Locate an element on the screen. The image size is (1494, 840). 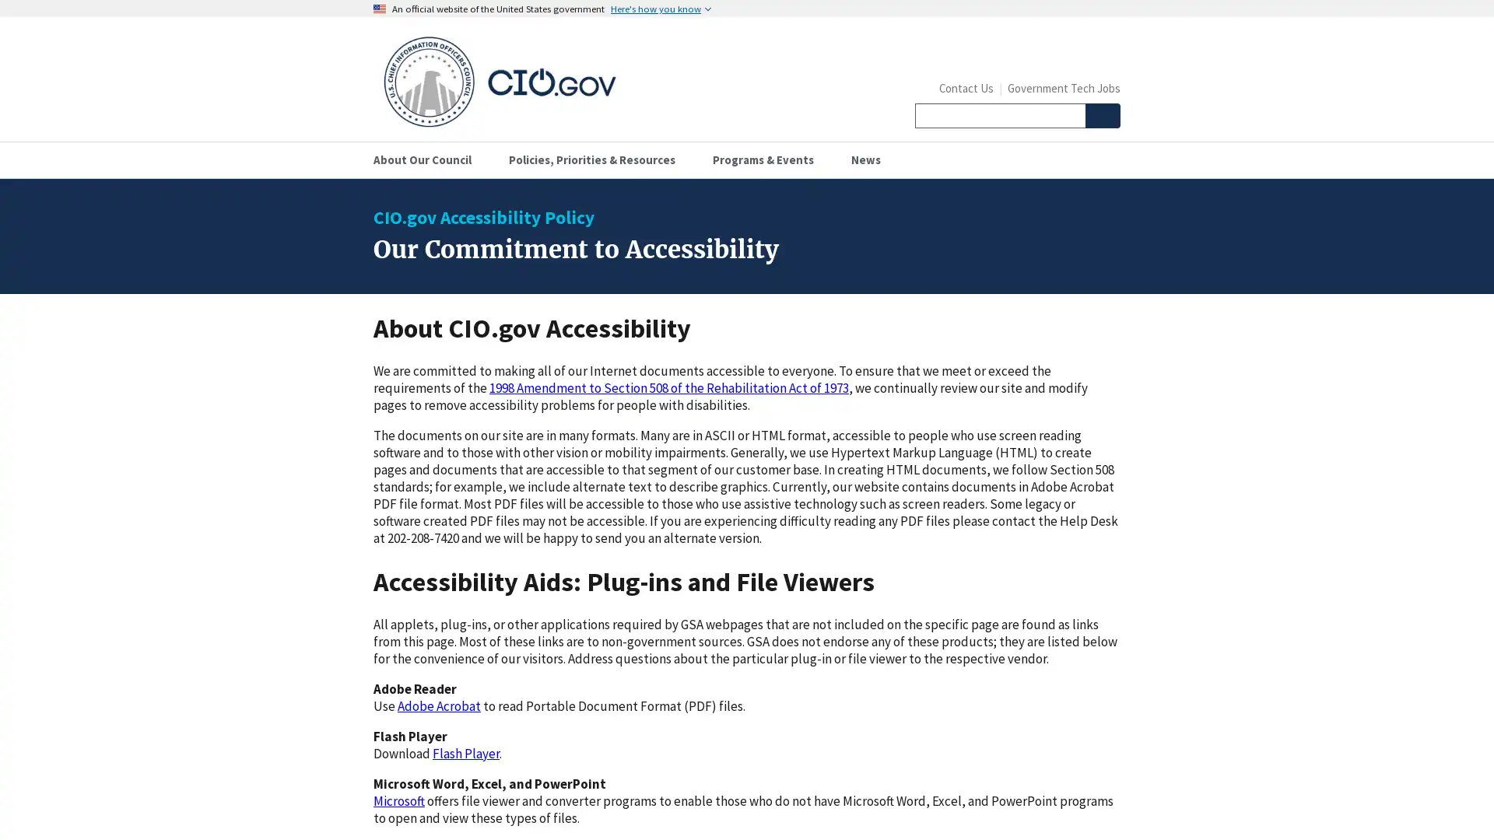
Here's how you know is located at coordinates (661, 9).